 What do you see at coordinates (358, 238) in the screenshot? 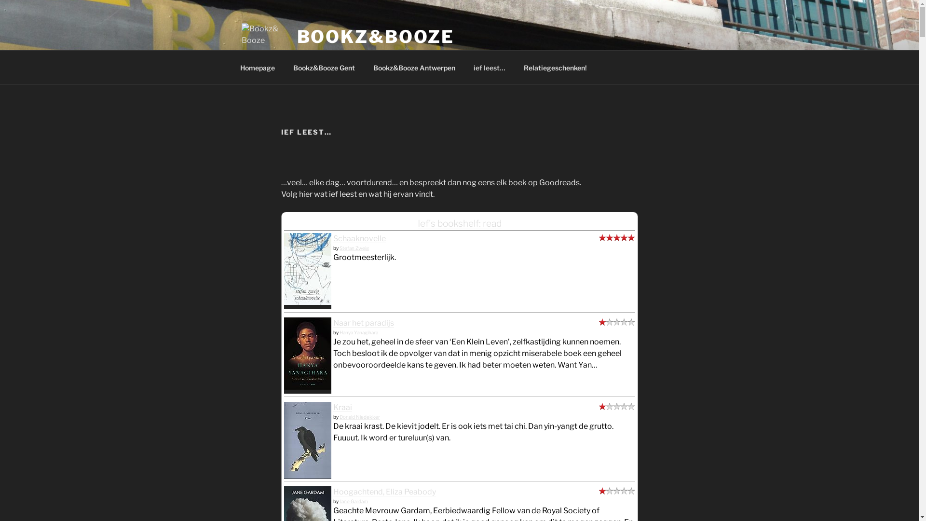
I see `'Schaaknovelle'` at bounding box center [358, 238].